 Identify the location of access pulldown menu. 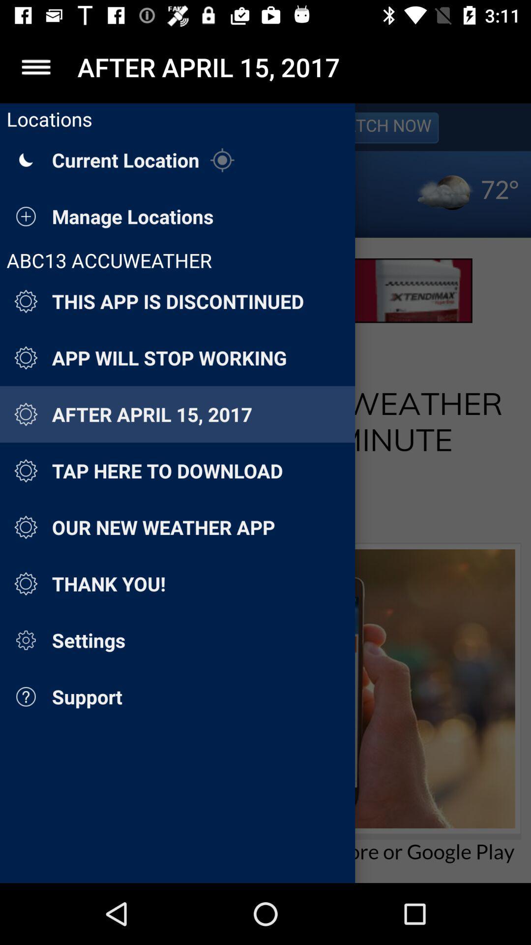
(35, 66).